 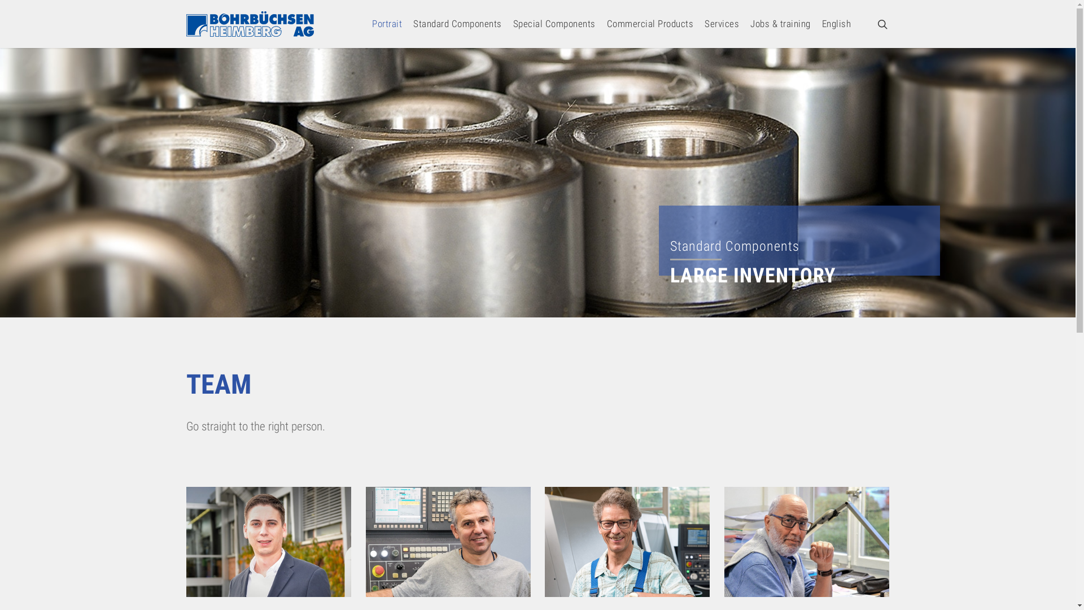 What do you see at coordinates (721, 24) in the screenshot?
I see `'Services'` at bounding box center [721, 24].